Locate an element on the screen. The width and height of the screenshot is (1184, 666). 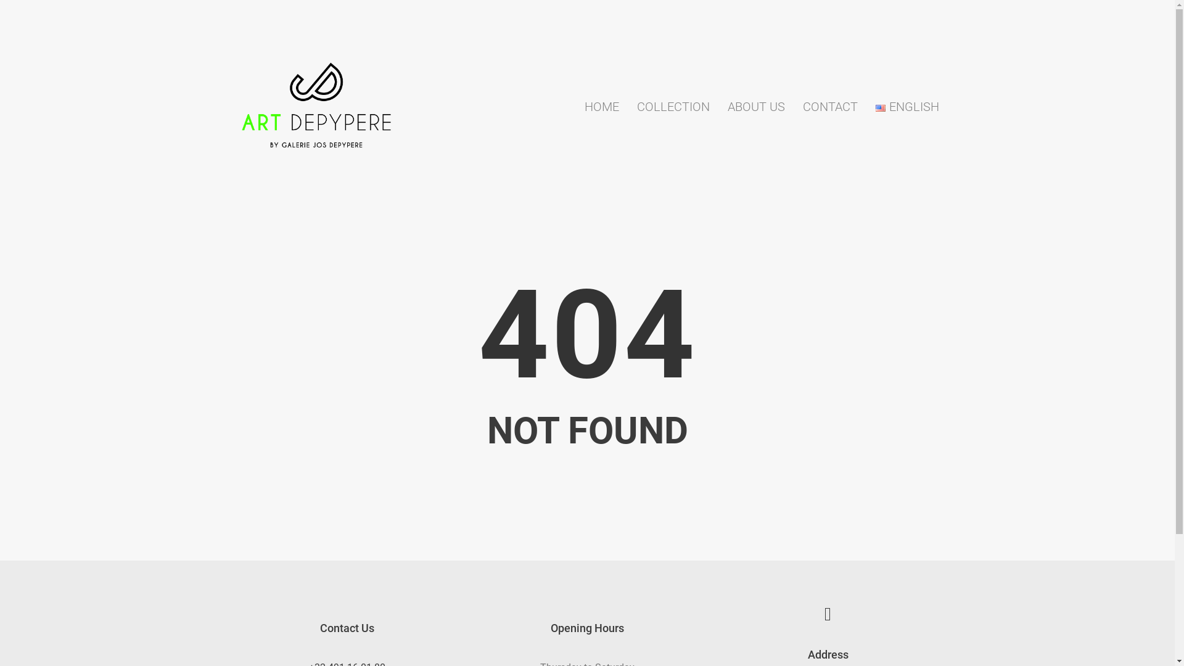
'HOME' is located at coordinates (601, 106).